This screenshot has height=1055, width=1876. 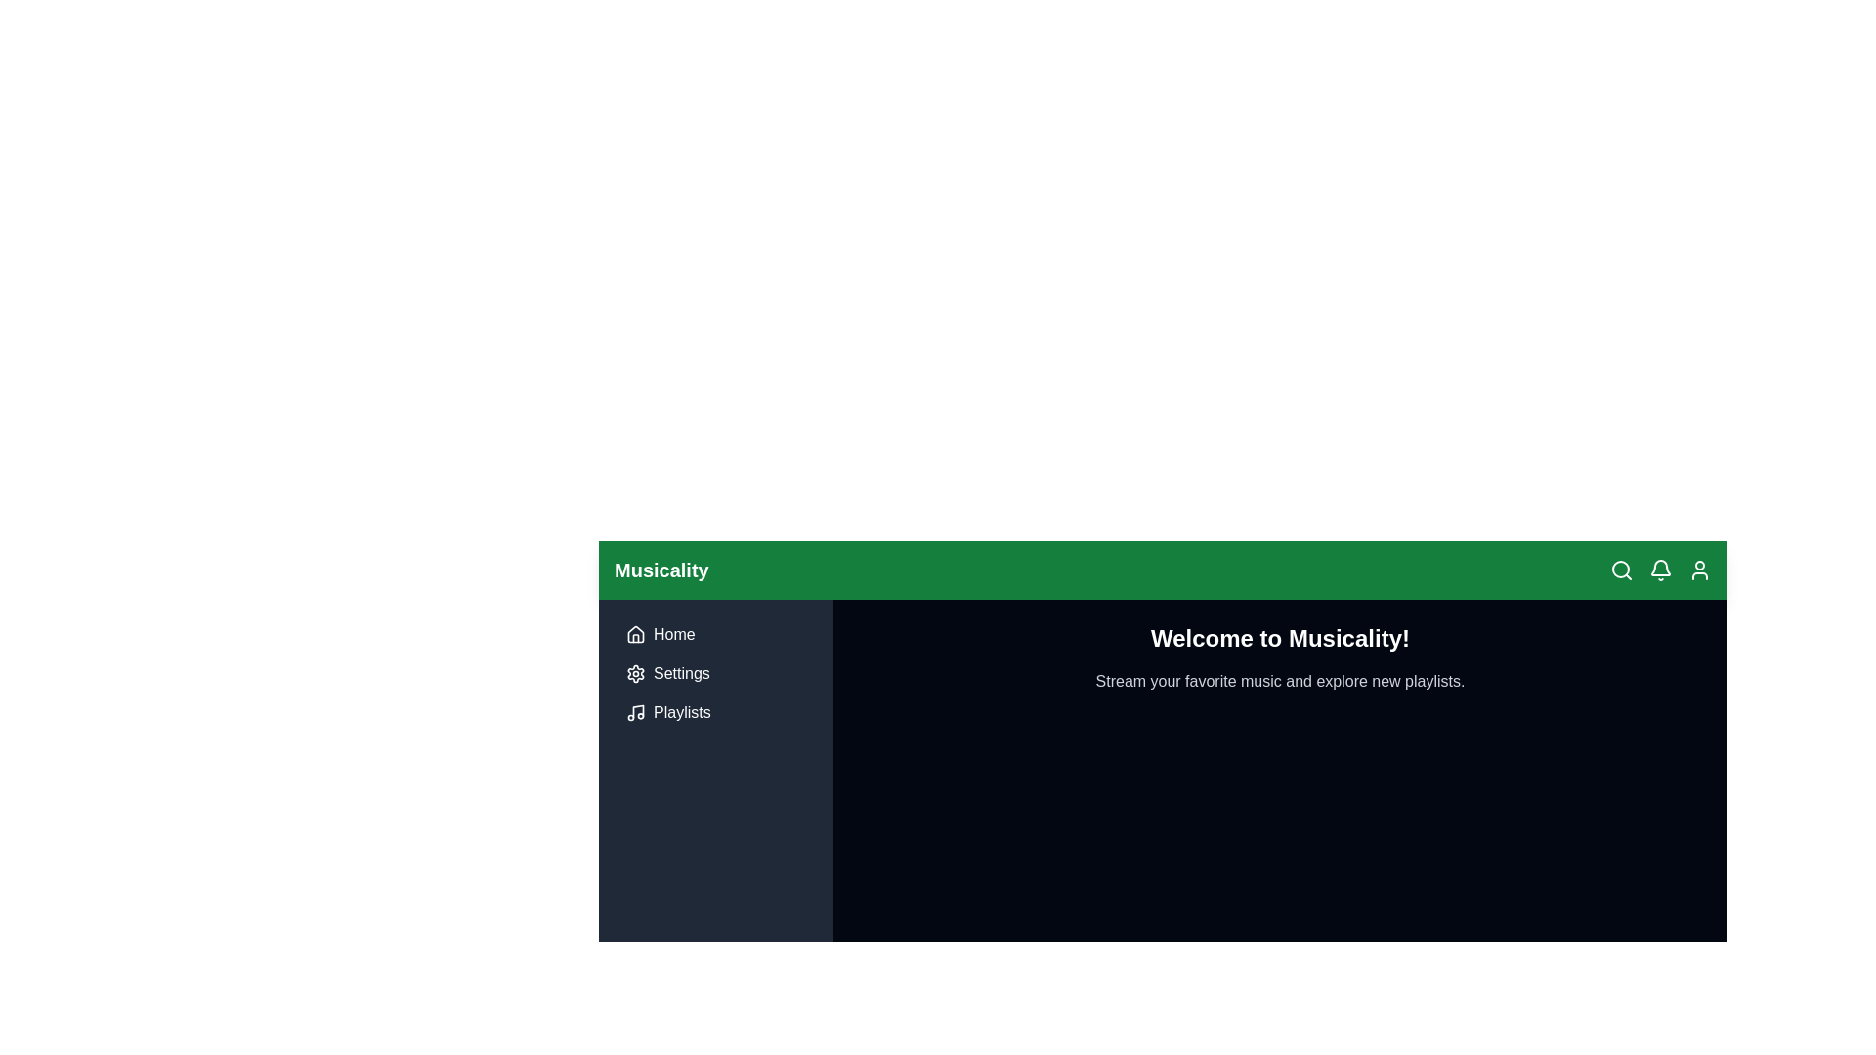 What do you see at coordinates (1659, 570) in the screenshot?
I see `the bell-shaped icon button located in the top navigation bar, which is the second icon from the left` at bounding box center [1659, 570].